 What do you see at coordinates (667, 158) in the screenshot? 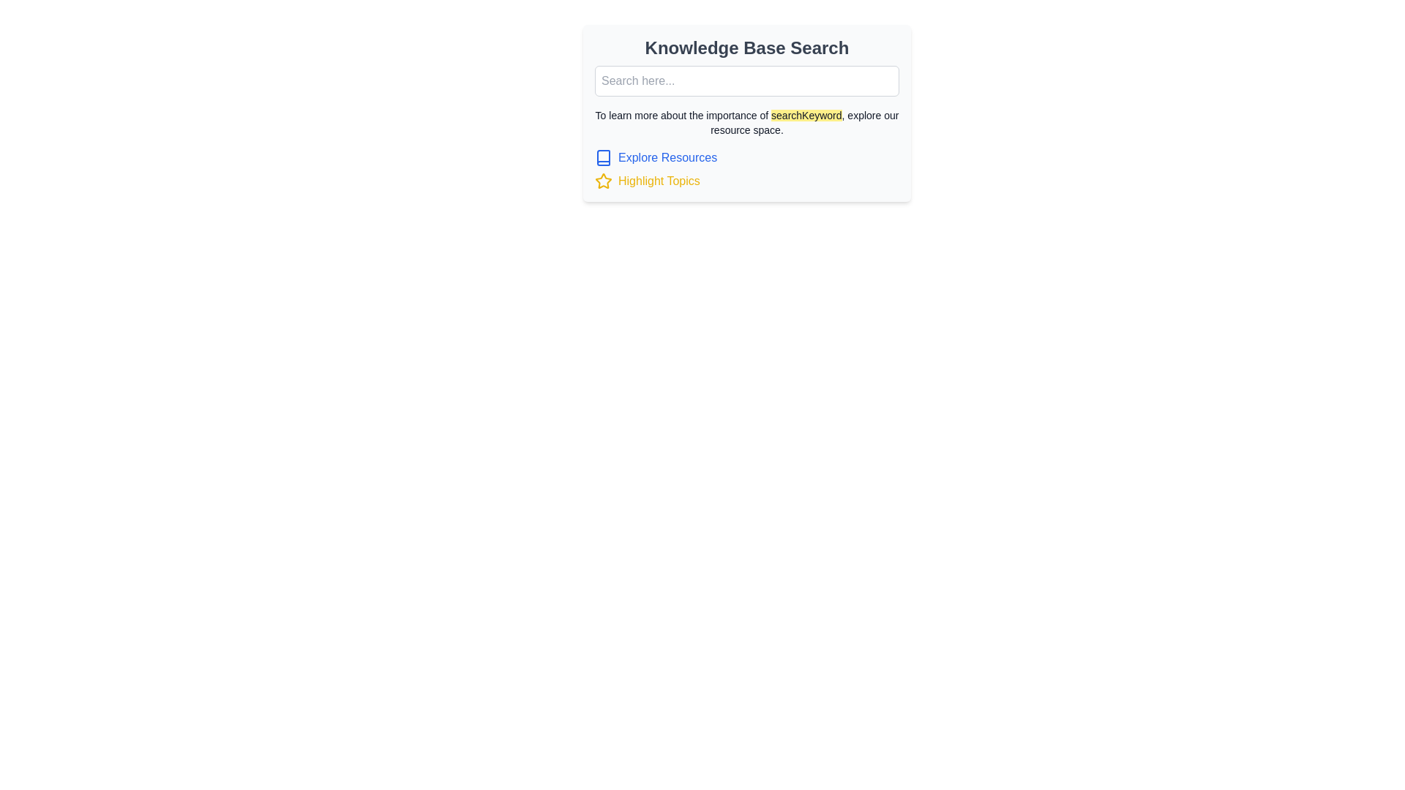
I see `the text label that says 'Explore Resources', which is styled in blue and located next to a book icon on the middle right of the card` at bounding box center [667, 158].